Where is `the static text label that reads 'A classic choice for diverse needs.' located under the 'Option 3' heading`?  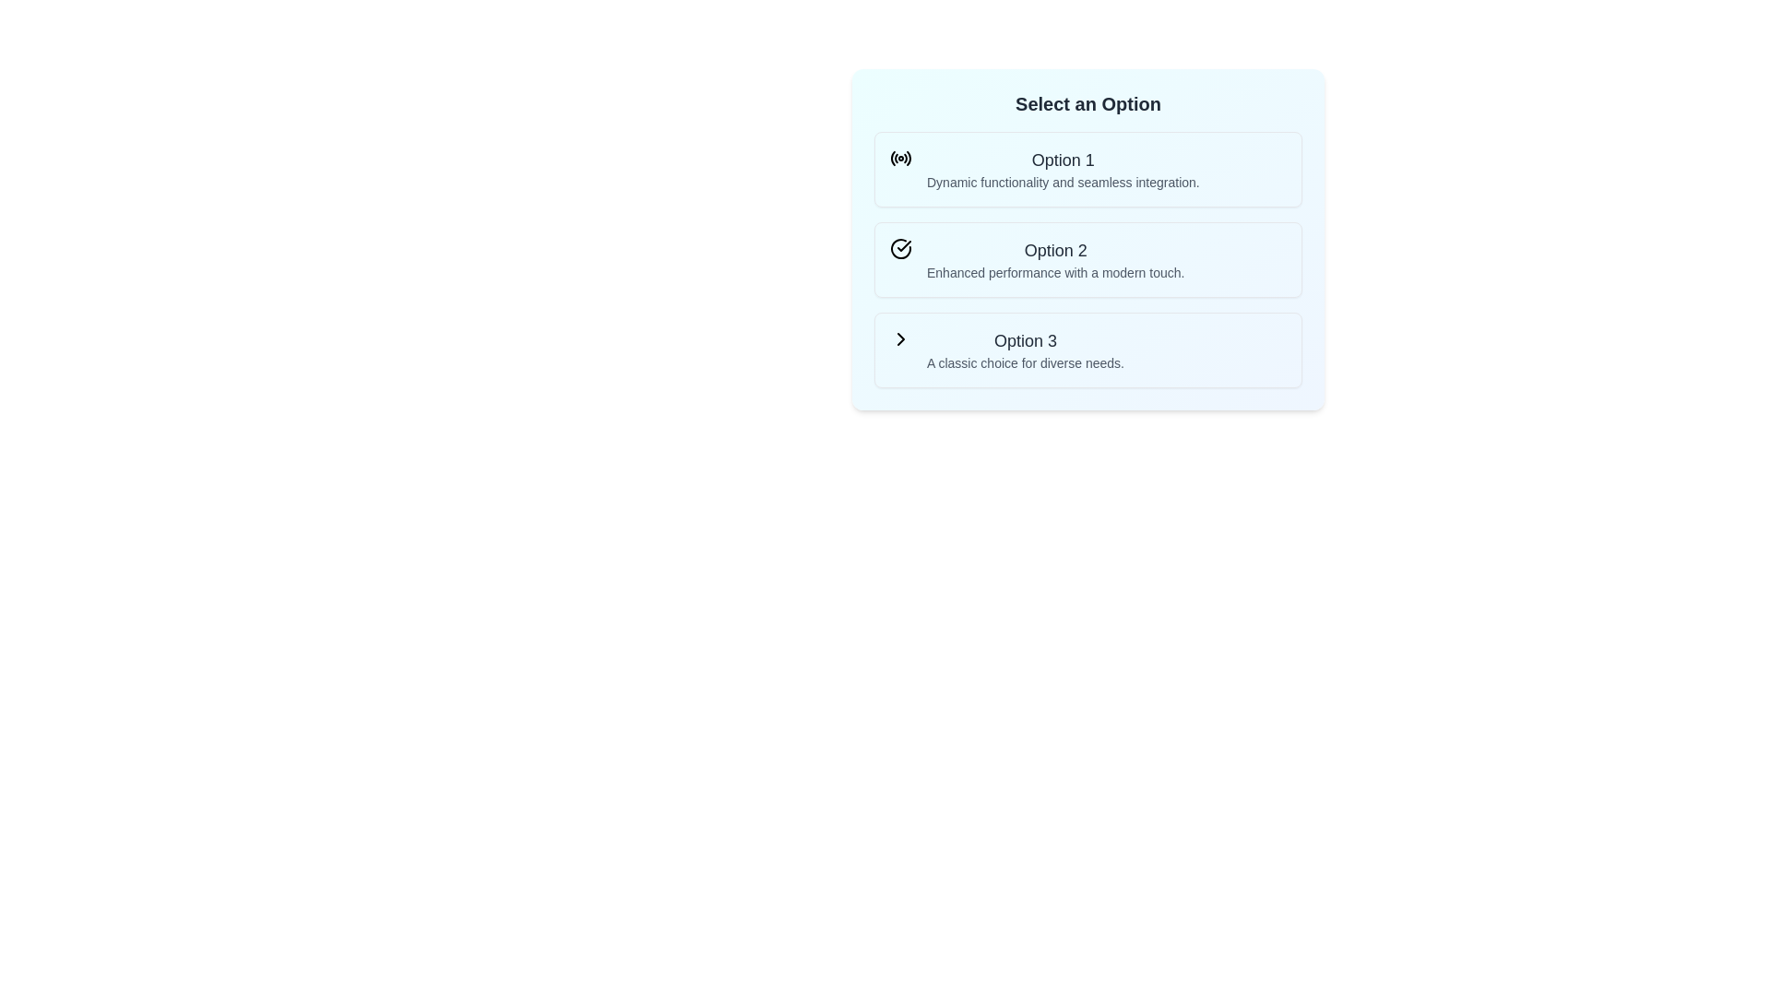
the static text label that reads 'A classic choice for diverse needs.' located under the 'Option 3' heading is located at coordinates (1025, 362).